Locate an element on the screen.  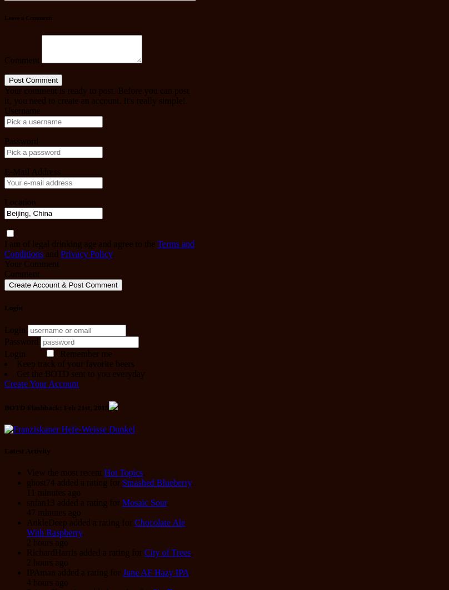
'Keep track of your favorite beers' is located at coordinates (74, 362).